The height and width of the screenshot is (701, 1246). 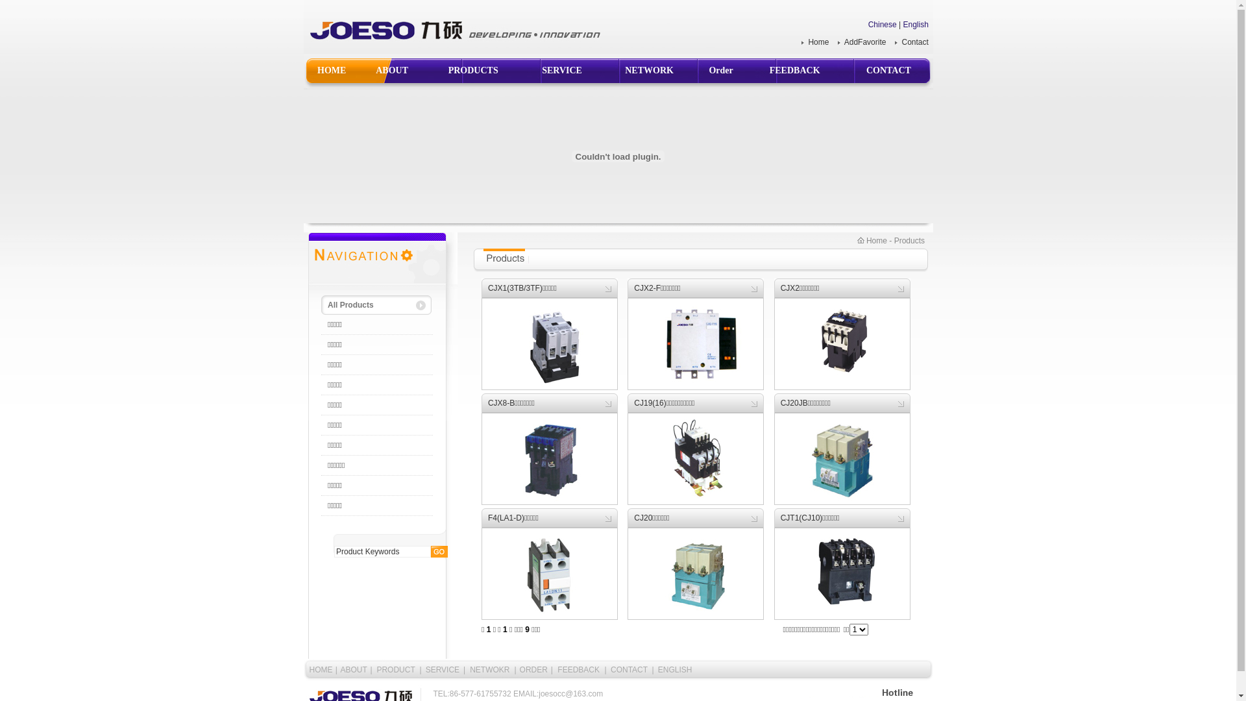 What do you see at coordinates (914, 42) in the screenshot?
I see `'Contact'` at bounding box center [914, 42].